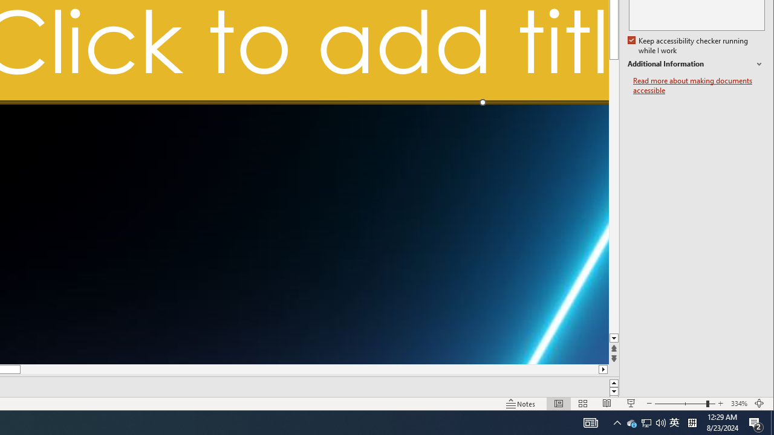 The height and width of the screenshot is (435, 774). I want to click on 'Zoom 334%', so click(738, 404).